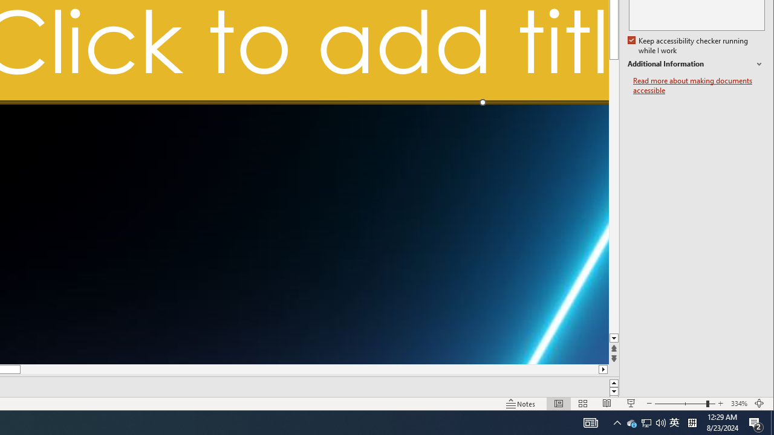 The height and width of the screenshot is (435, 774). I want to click on 'Zoom 334%', so click(738, 404).